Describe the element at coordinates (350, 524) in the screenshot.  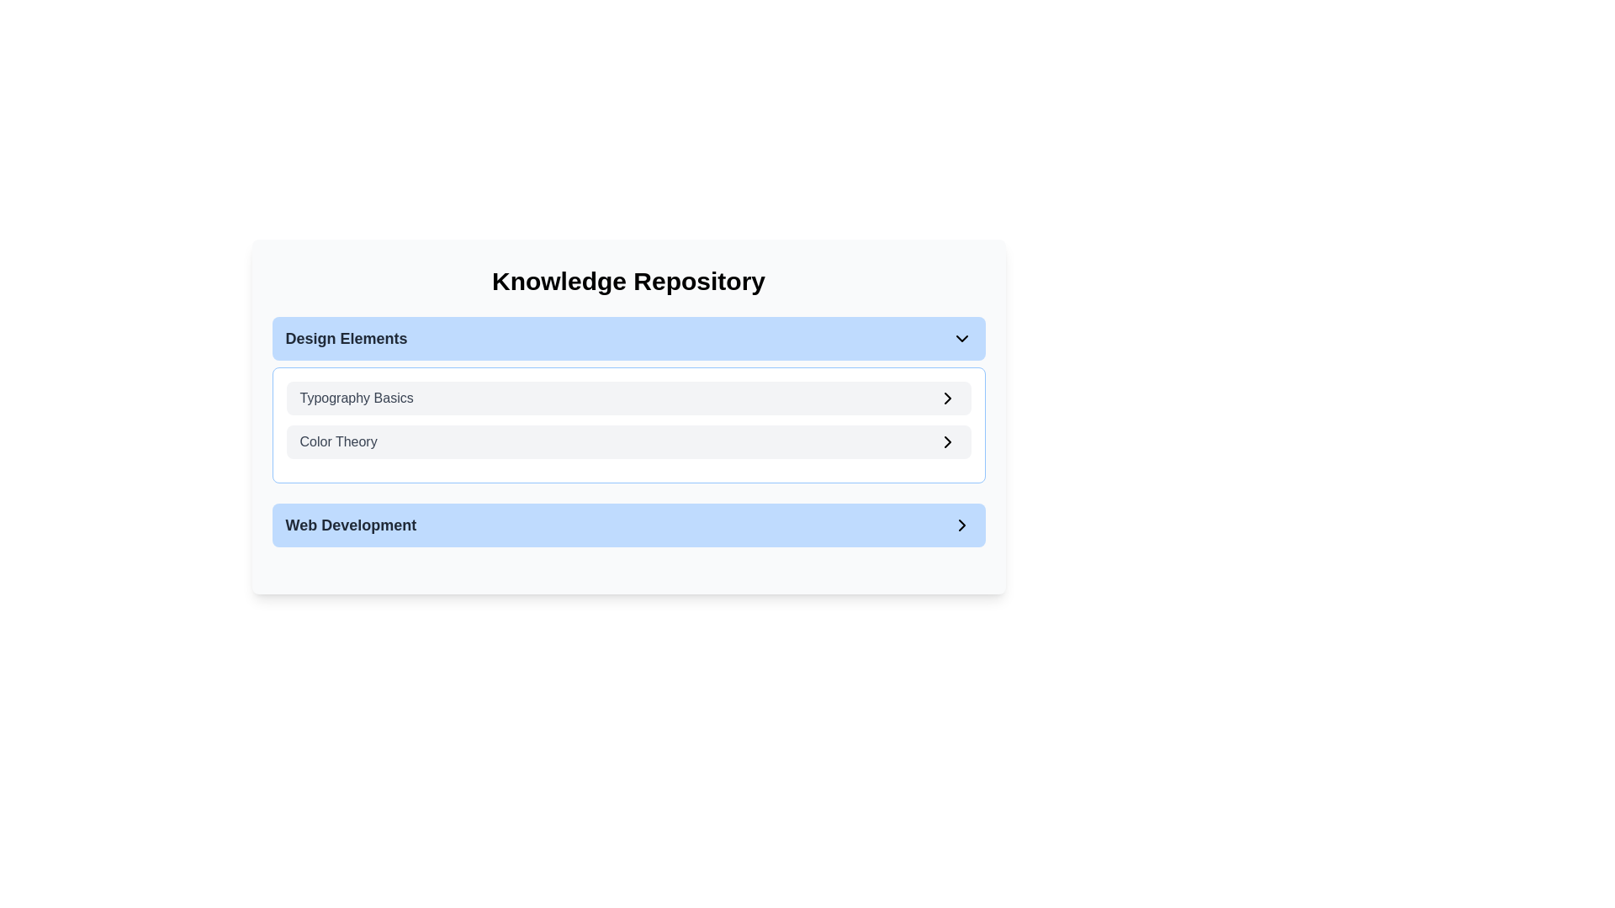
I see `the static text label that serves as a title for the selectable button representing the 'Web Development' section, located within the 'Knowledge Repository' section` at that location.